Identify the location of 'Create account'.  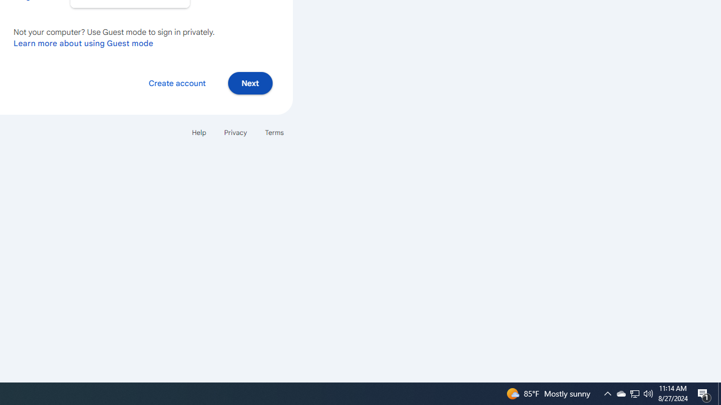
(176, 82).